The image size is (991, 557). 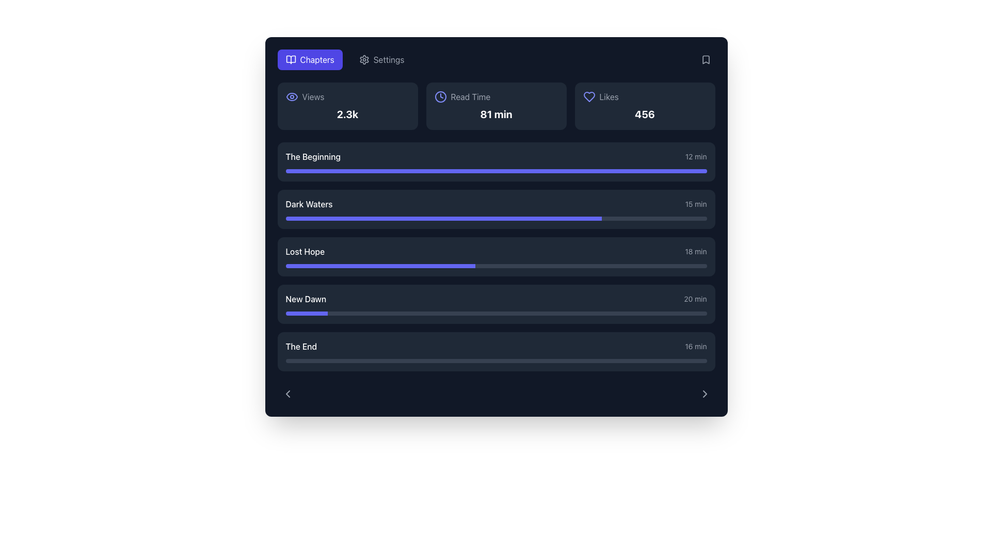 What do you see at coordinates (496, 360) in the screenshot?
I see `the progression level of the Progress Indicator located at the bottom of the 'The End' section, directly below the text '16 min'` at bounding box center [496, 360].